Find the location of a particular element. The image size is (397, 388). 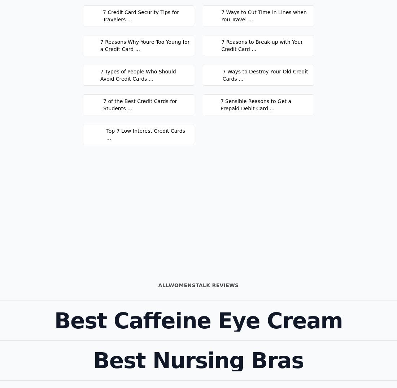

'7 Ways to Cut Time in Lines when You Travel ...' is located at coordinates (263, 15).